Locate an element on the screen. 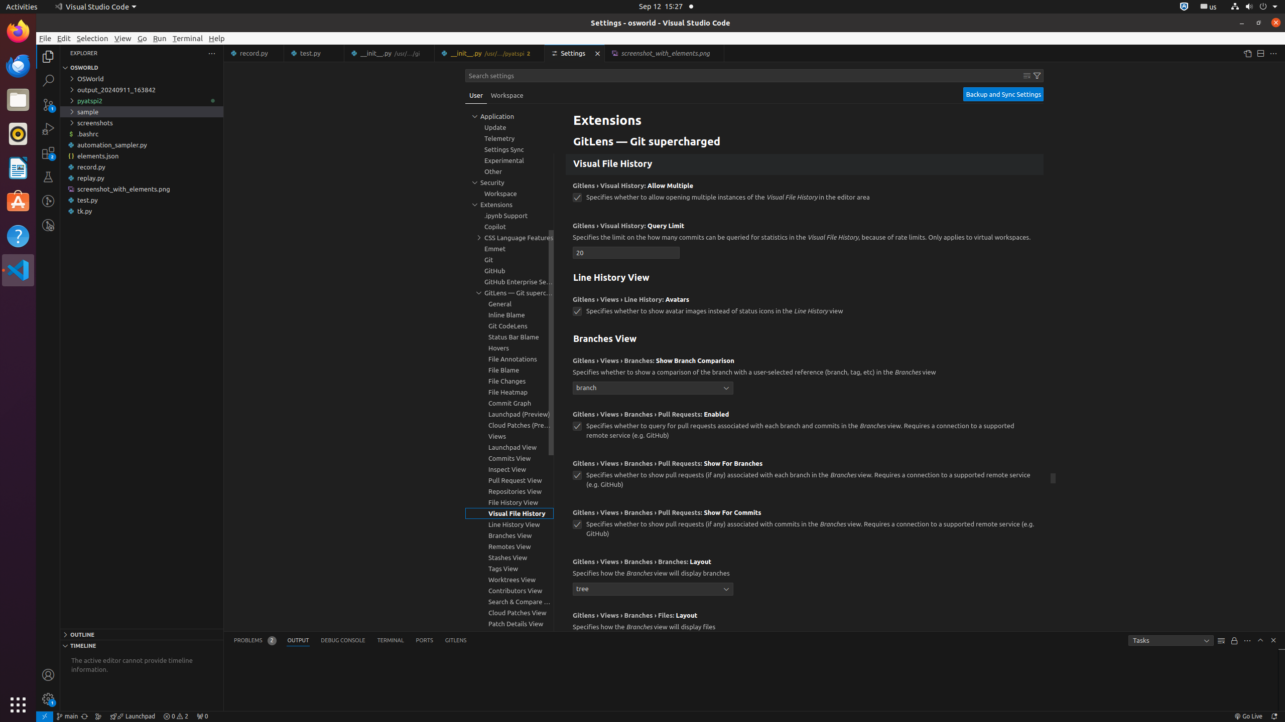 The height and width of the screenshot is (722, 1285). 'Maximize Panel Size' is located at coordinates (1260, 639).